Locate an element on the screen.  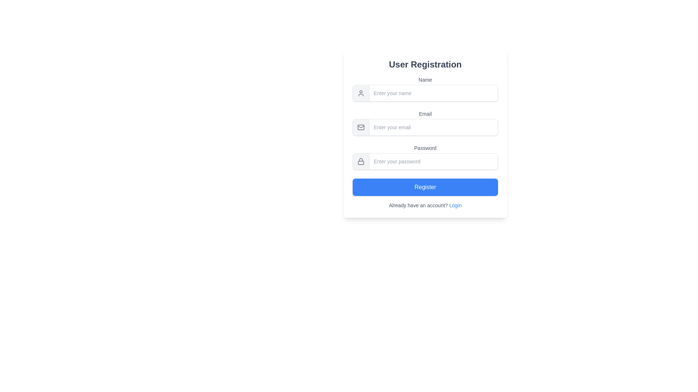
the text block labeled 'User Registration', which is styled in a large and bold font and positioned at the top of the user registration form is located at coordinates (425, 64).